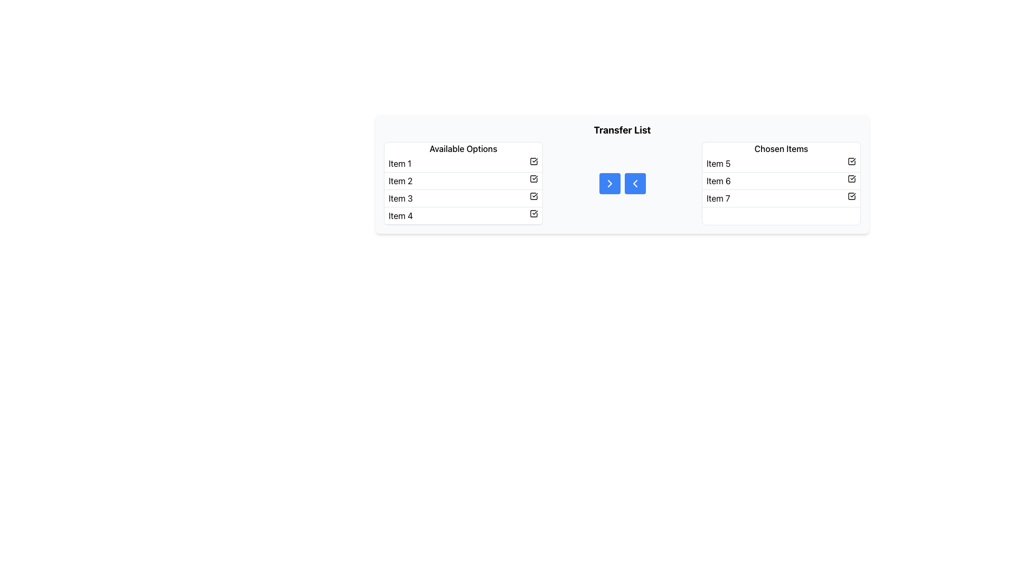 The width and height of the screenshot is (1014, 570). What do you see at coordinates (463, 215) in the screenshot?
I see `the checkbox in the fourth list item labeled 'Item 4'` at bounding box center [463, 215].